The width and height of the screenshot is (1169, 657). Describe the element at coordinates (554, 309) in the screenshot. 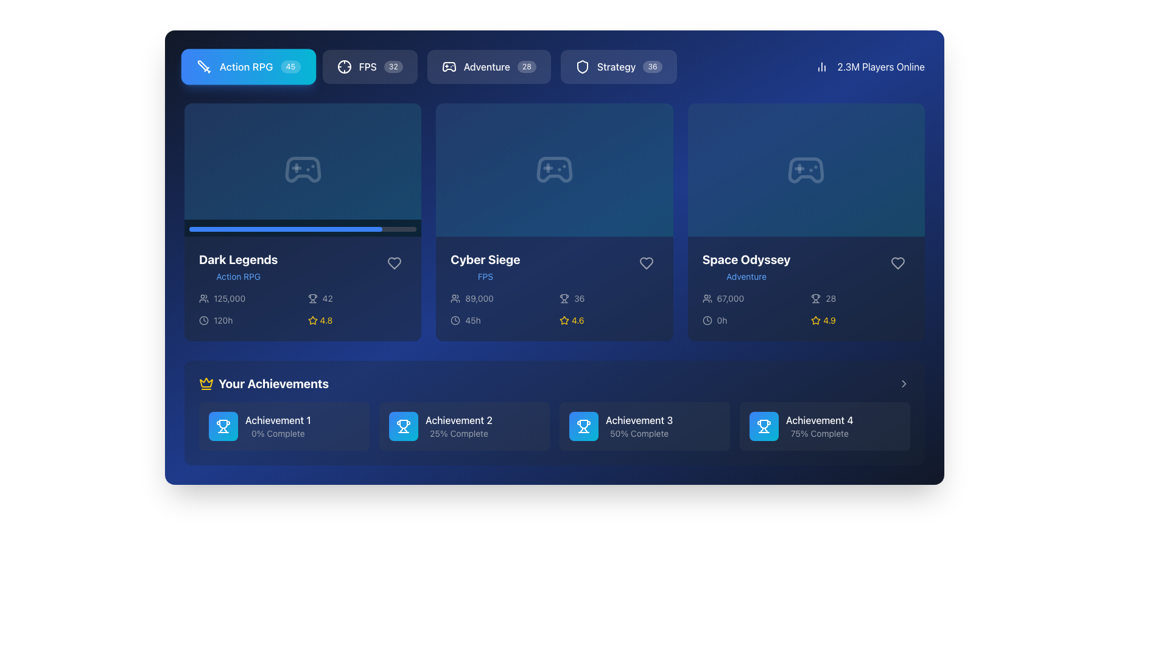

I see `the rating value within the Informational panel located in the 'Cyber Siege' card` at that location.